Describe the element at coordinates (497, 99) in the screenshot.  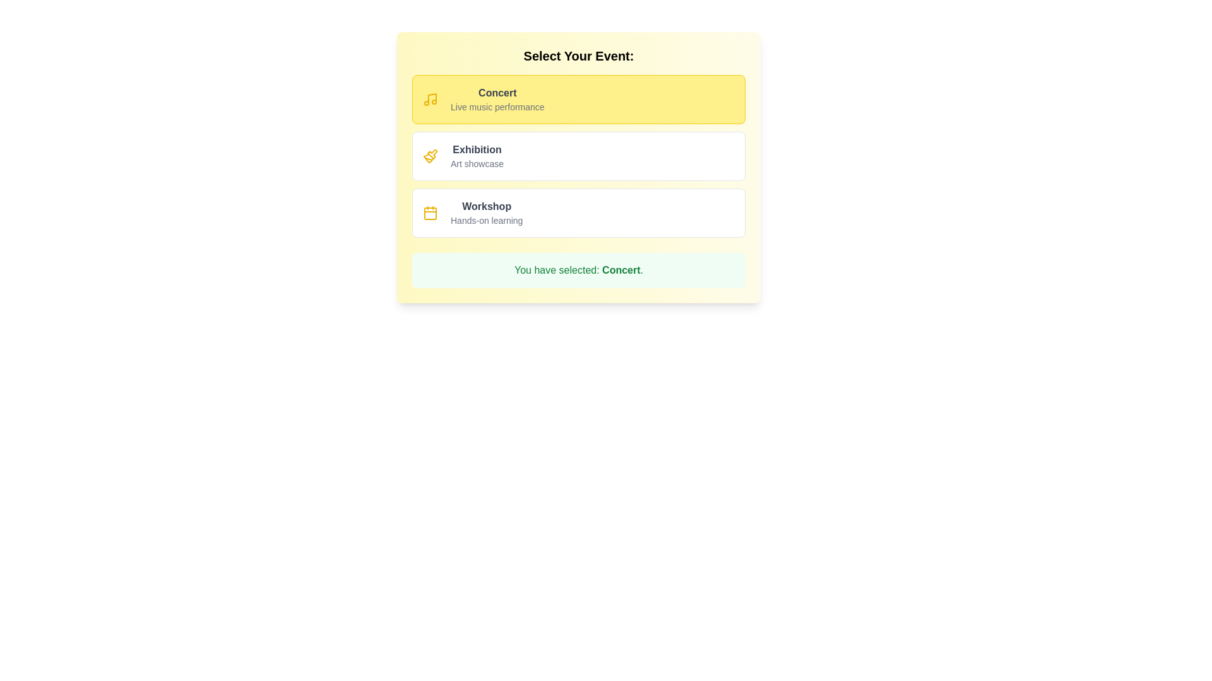
I see `the Text Label that provides information about the 'Concert' event, located in the yellow-highlighted card at the top of a list of selectable cards` at that location.